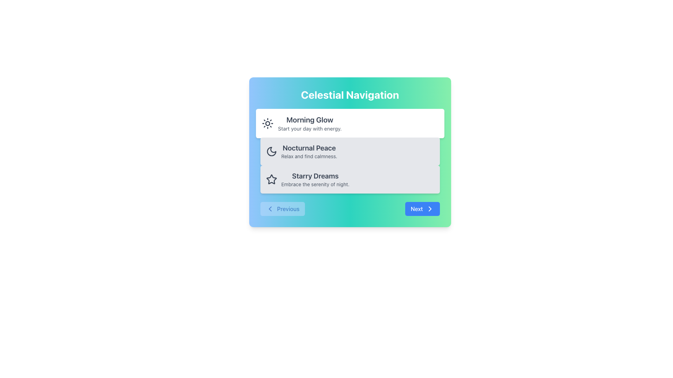 The image size is (673, 378). I want to click on the 'Next' button, so click(422, 209).